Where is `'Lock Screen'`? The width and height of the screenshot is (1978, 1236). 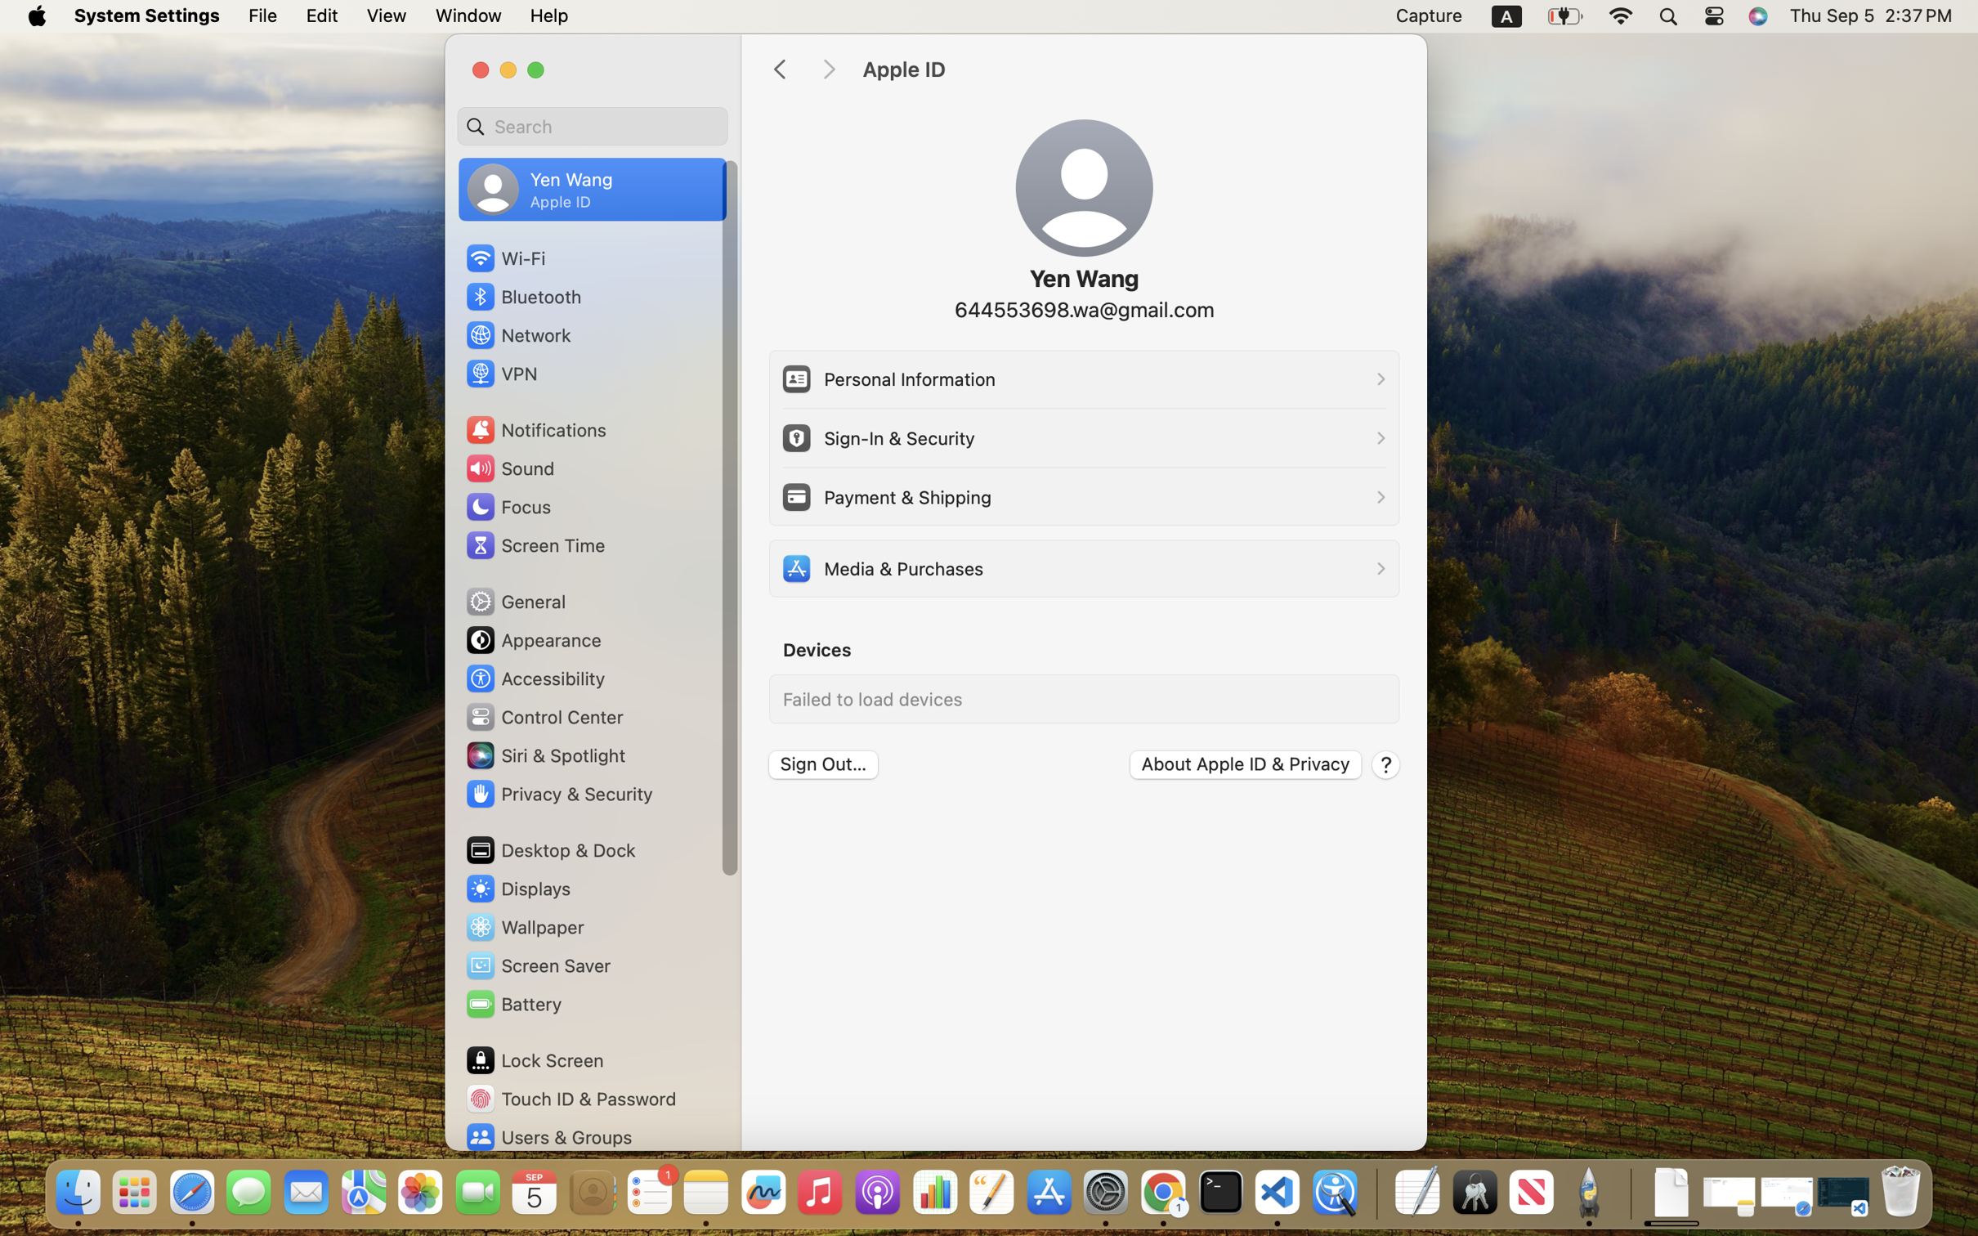
'Lock Screen' is located at coordinates (534, 1059).